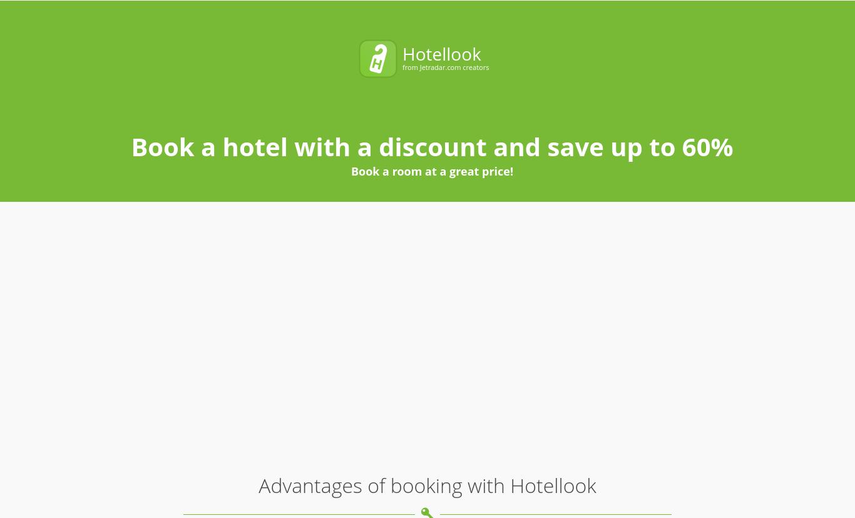  I want to click on 'We search both the largest booking websites and small local systems. Oftentimes, small family hotels are not listed on large booking websites.', so click(445, 262).